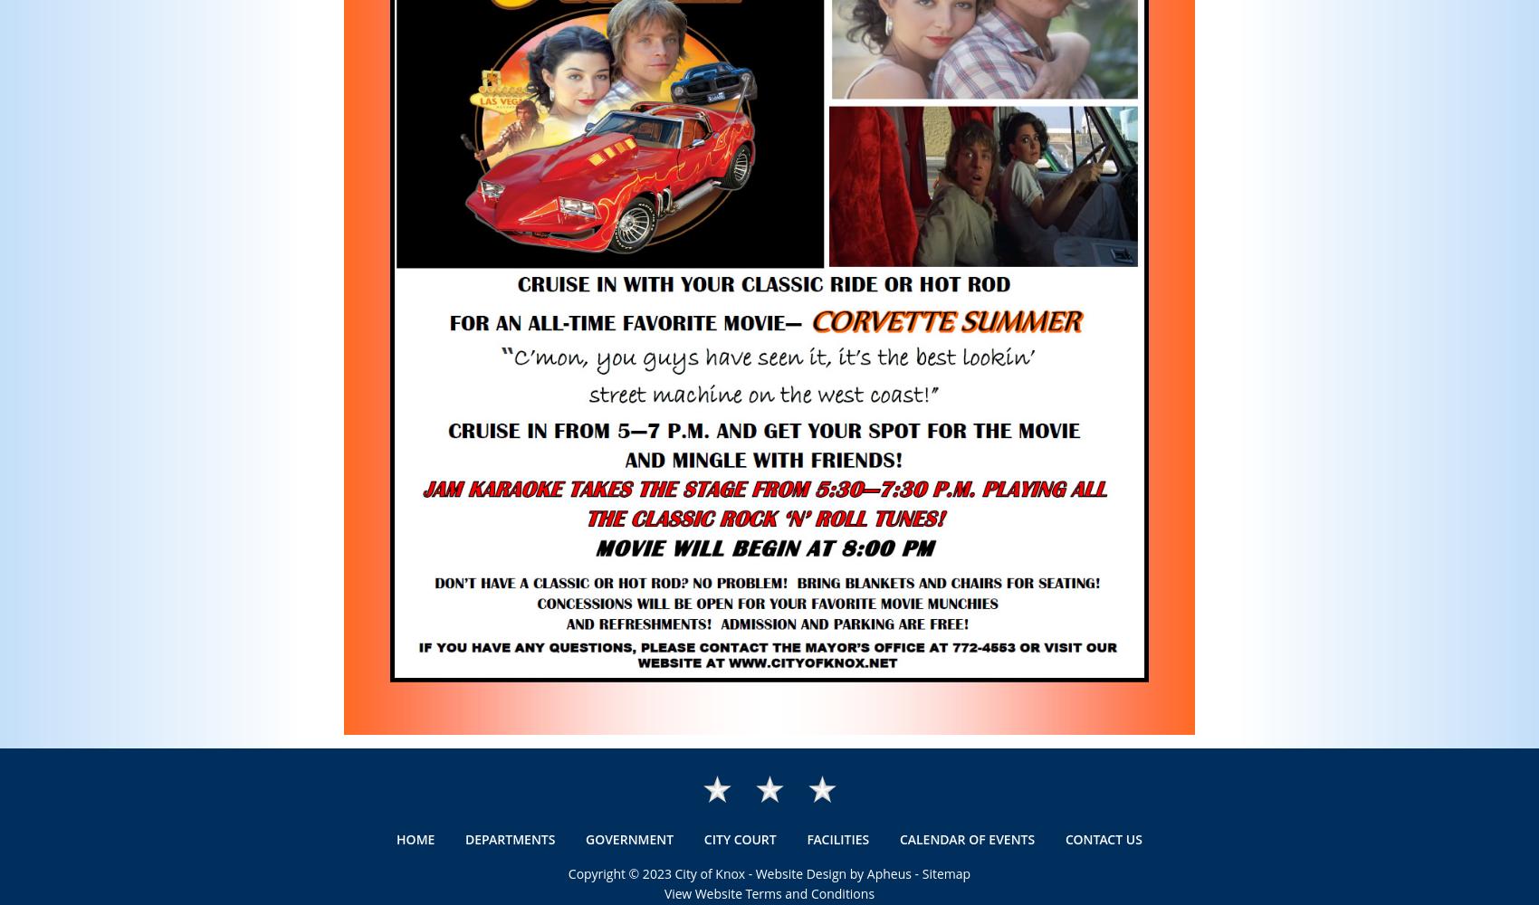 Image resolution: width=1539 pixels, height=905 pixels. What do you see at coordinates (1102, 839) in the screenshot?
I see `'Contact Us'` at bounding box center [1102, 839].